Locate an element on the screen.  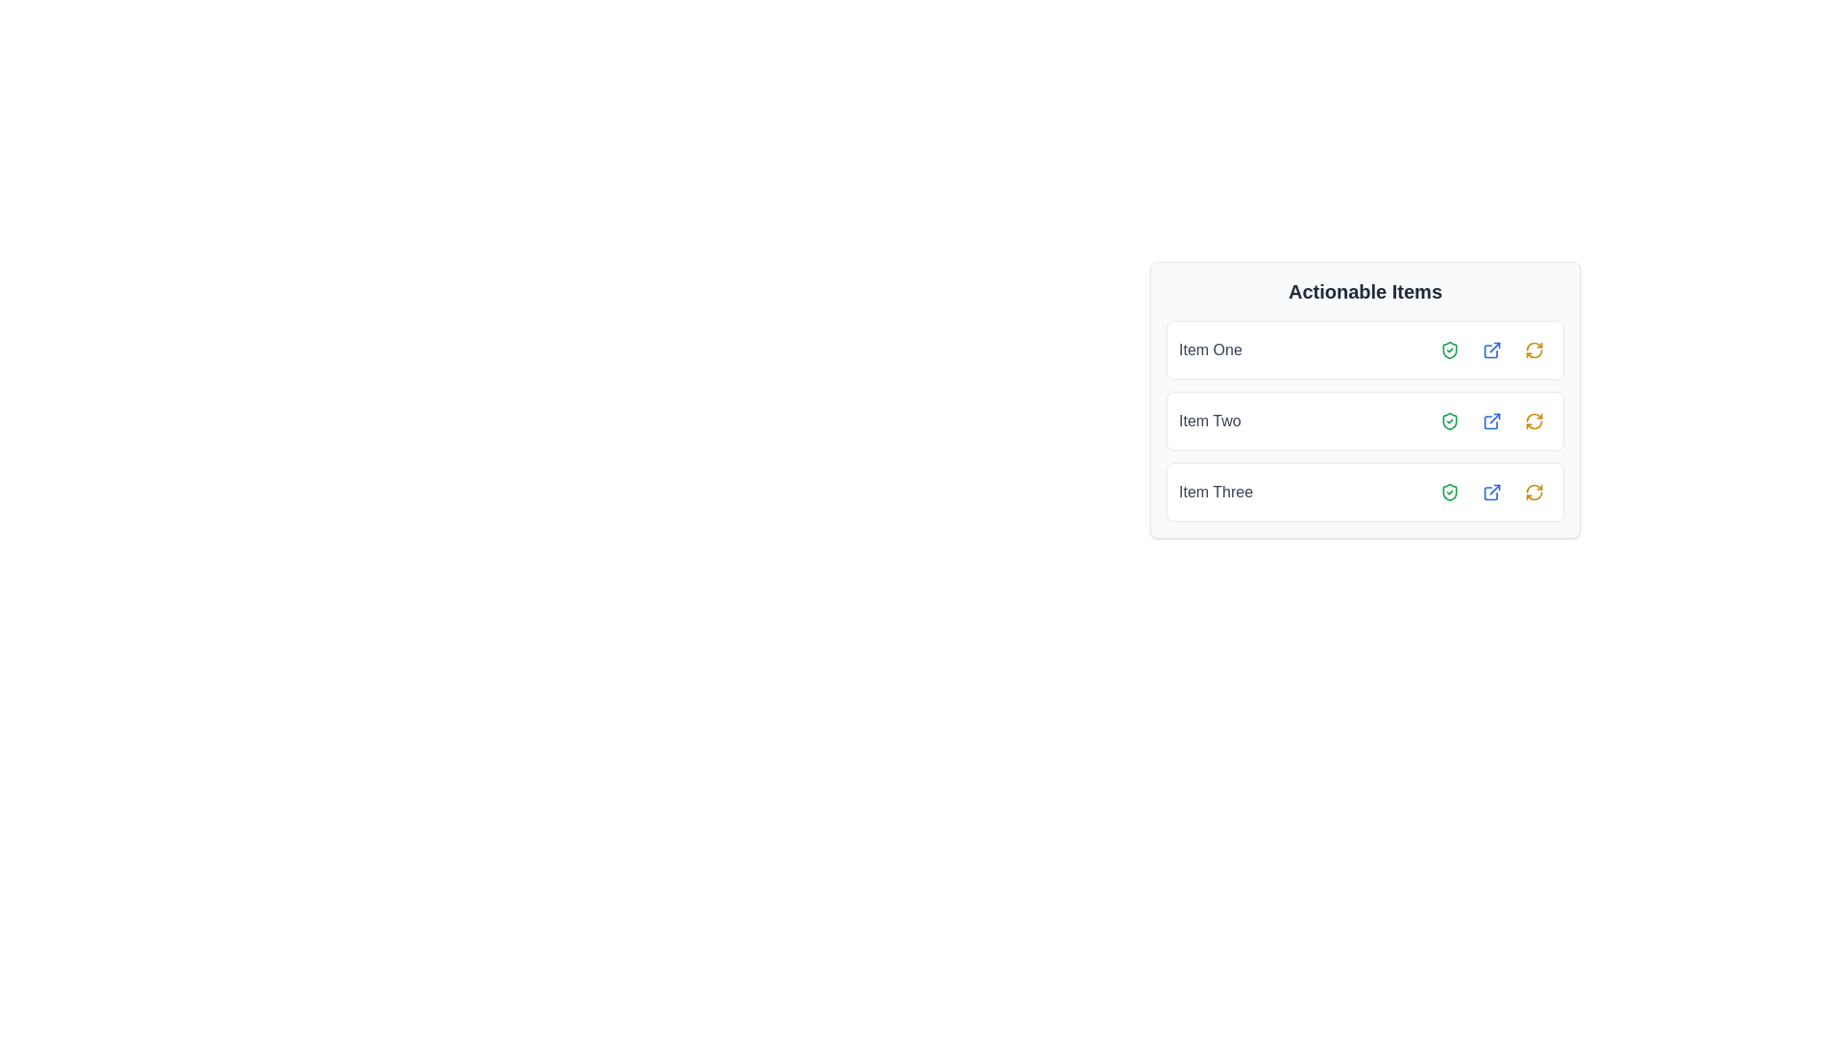
the green shield icon with a checkmark located in the third row of 'Actionable Items', specifically the first icon on the right side of 'Item Three' is located at coordinates (1449, 492).